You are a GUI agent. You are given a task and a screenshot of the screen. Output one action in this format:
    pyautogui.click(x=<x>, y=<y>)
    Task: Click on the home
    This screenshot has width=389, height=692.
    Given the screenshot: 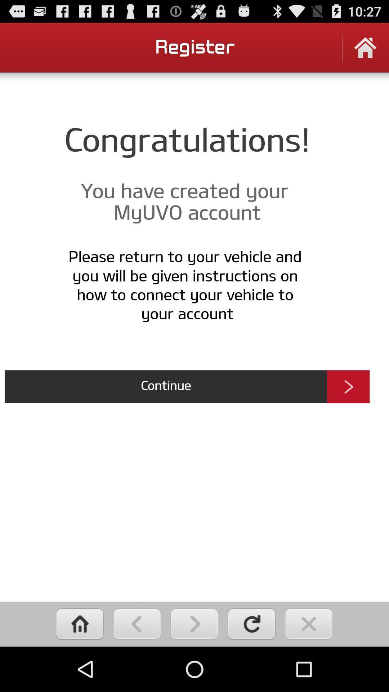 What is the action you would take?
    pyautogui.click(x=365, y=52)
    